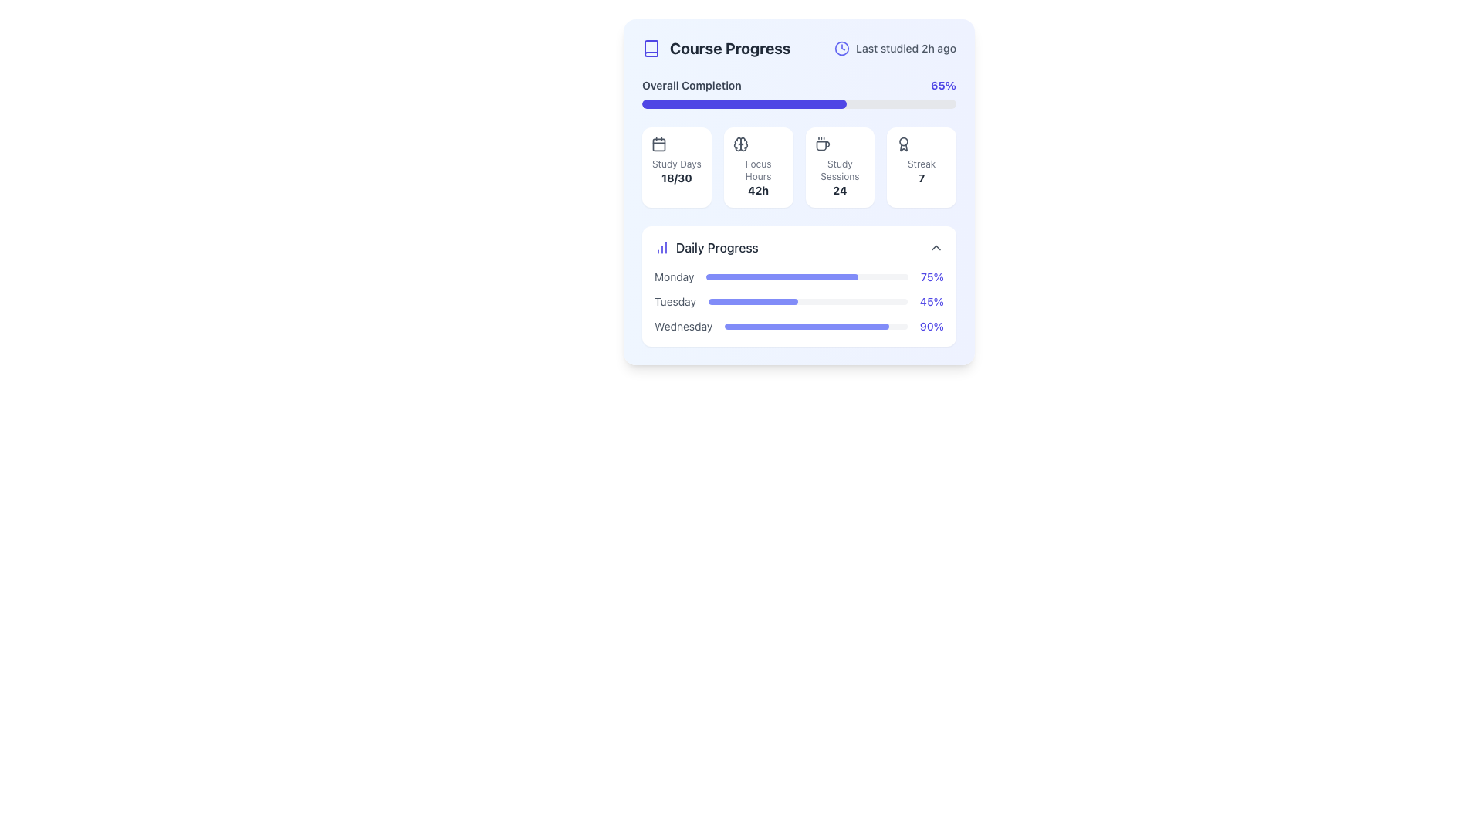 Image resolution: width=1482 pixels, height=834 pixels. I want to click on descriptive text of the Progress indicator showing 'Wednesday' and '90%', so click(799, 326).